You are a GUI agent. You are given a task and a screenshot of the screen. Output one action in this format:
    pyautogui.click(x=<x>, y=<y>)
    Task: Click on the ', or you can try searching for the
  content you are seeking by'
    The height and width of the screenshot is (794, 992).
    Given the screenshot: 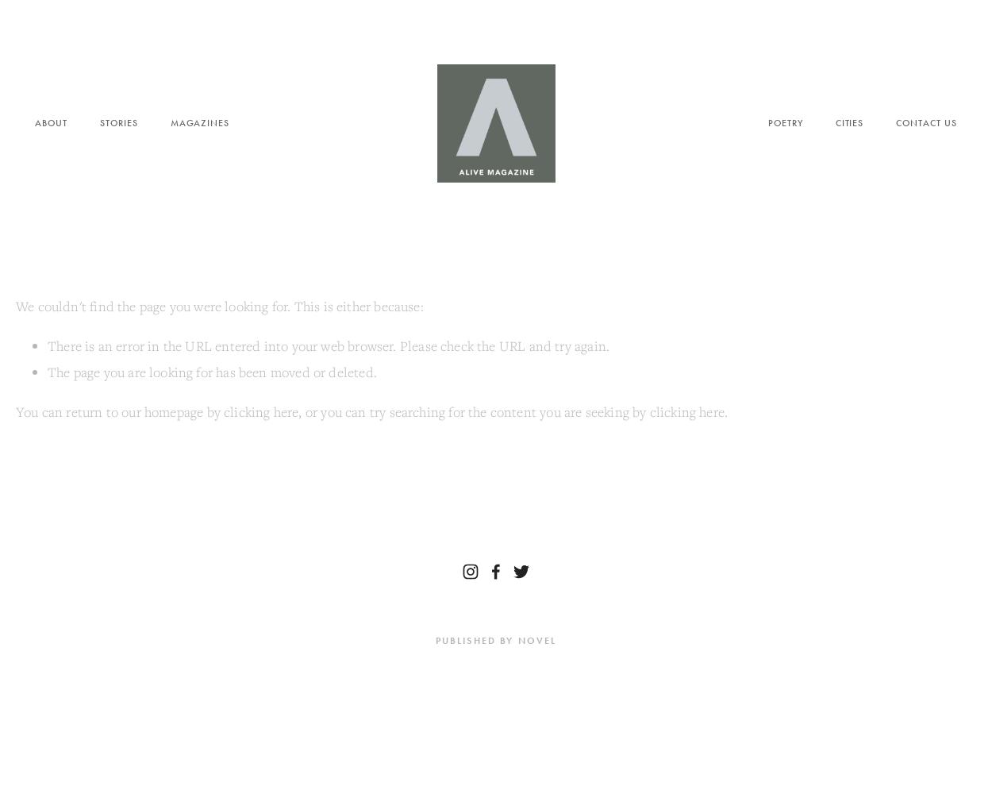 What is the action you would take?
    pyautogui.click(x=473, y=411)
    